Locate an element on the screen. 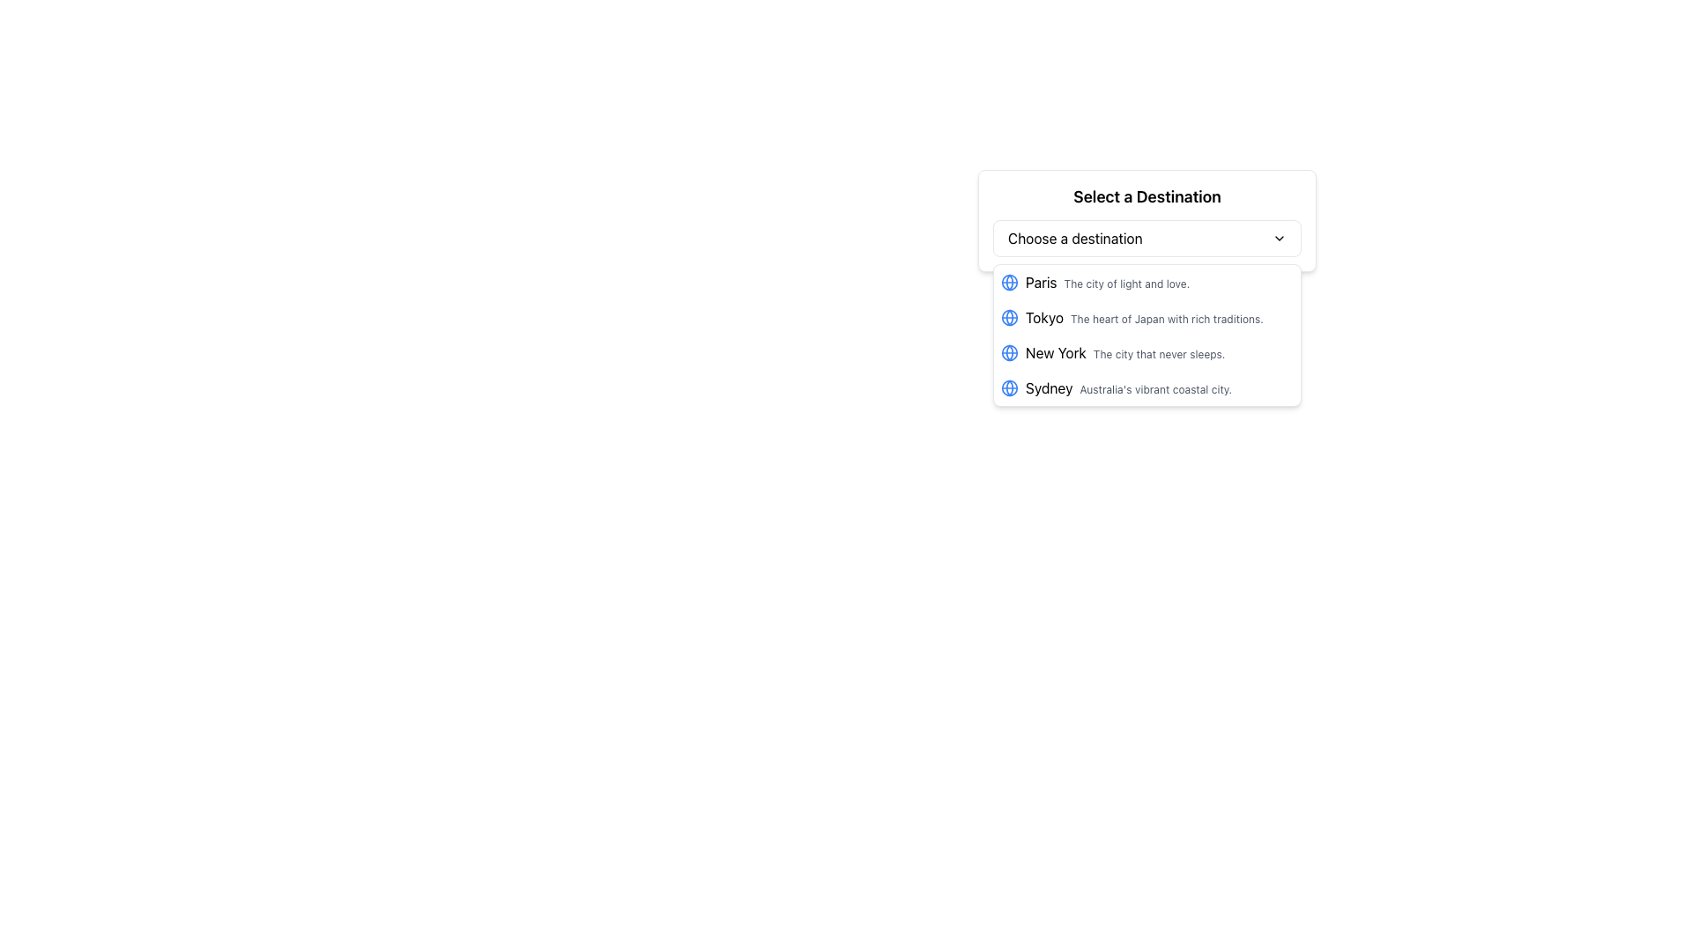 The image size is (1692, 951). the text label for the destination 'Tokyo' in the dropdown menu titled 'Select a Destination', which is located in the second position in a vertical list of destinations is located at coordinates (1144, 318).